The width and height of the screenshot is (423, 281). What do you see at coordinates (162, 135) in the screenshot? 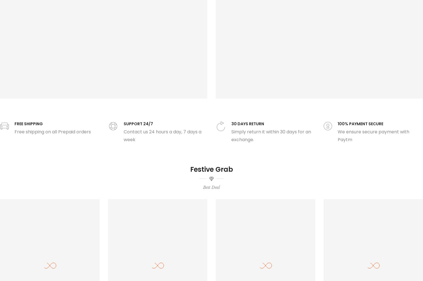
I see `'Contact us 24 hours a day, 7 days a week'` at bounding box center [162, 135].